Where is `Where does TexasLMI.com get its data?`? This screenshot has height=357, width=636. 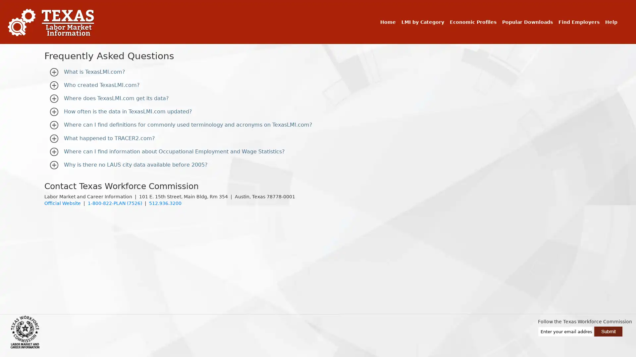 Where does TexasLMI.com get its data? is located at coordinates (317, 98).